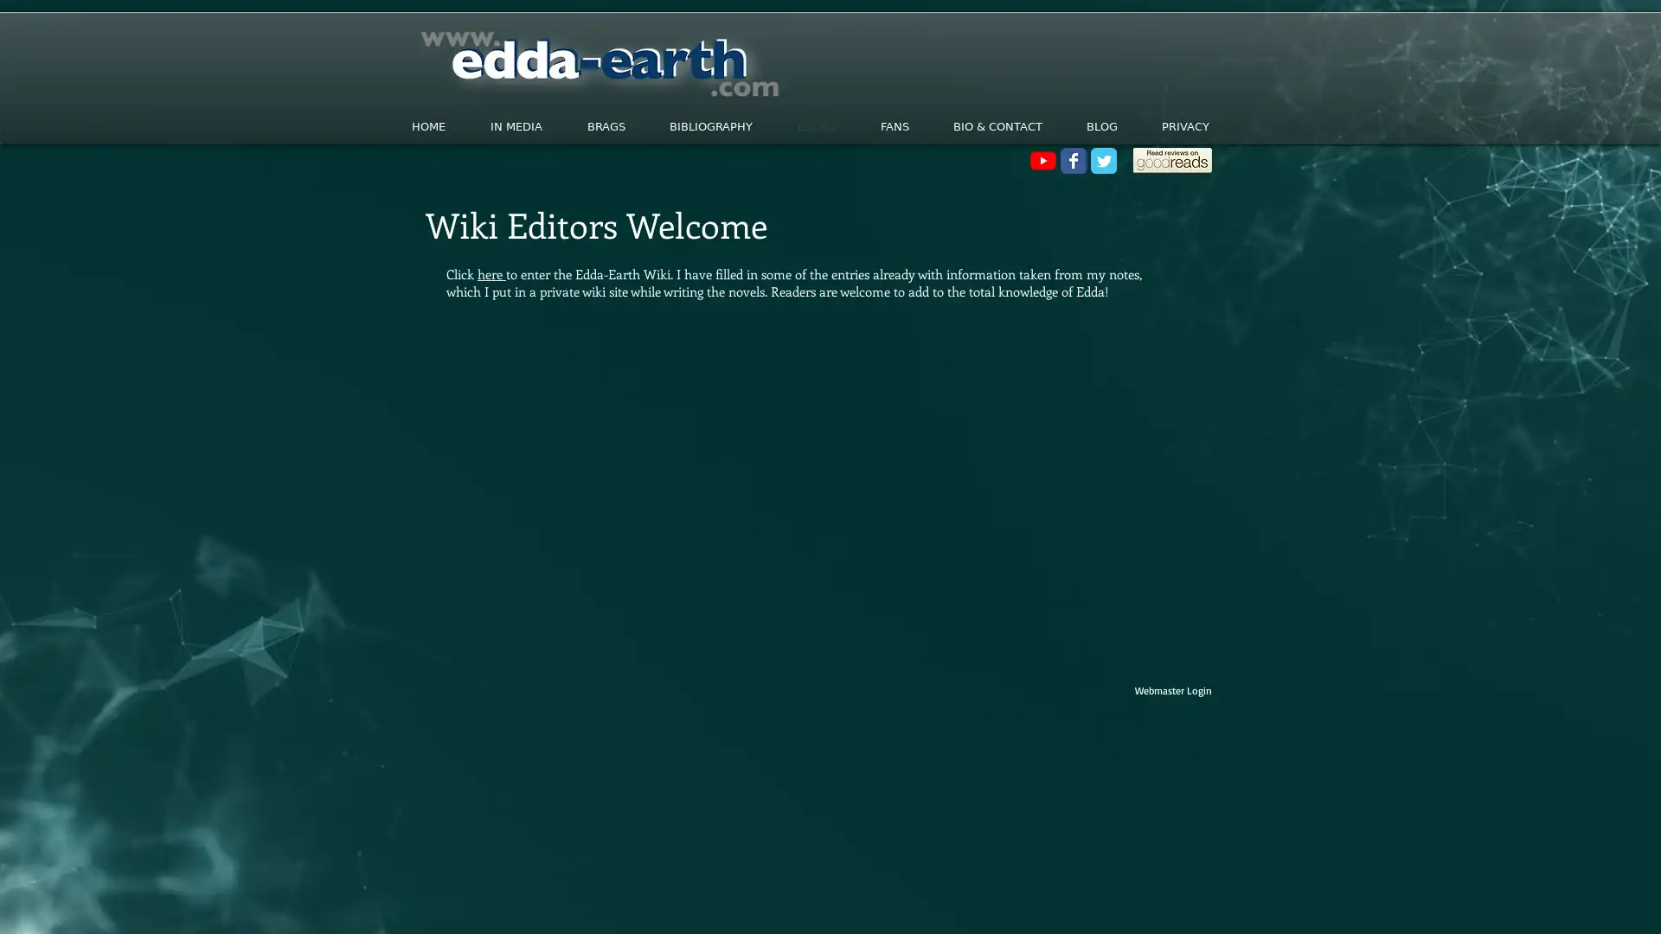  Describe the element at coordinates (1639, 903) in the screenshot. I see `Close` at that location.